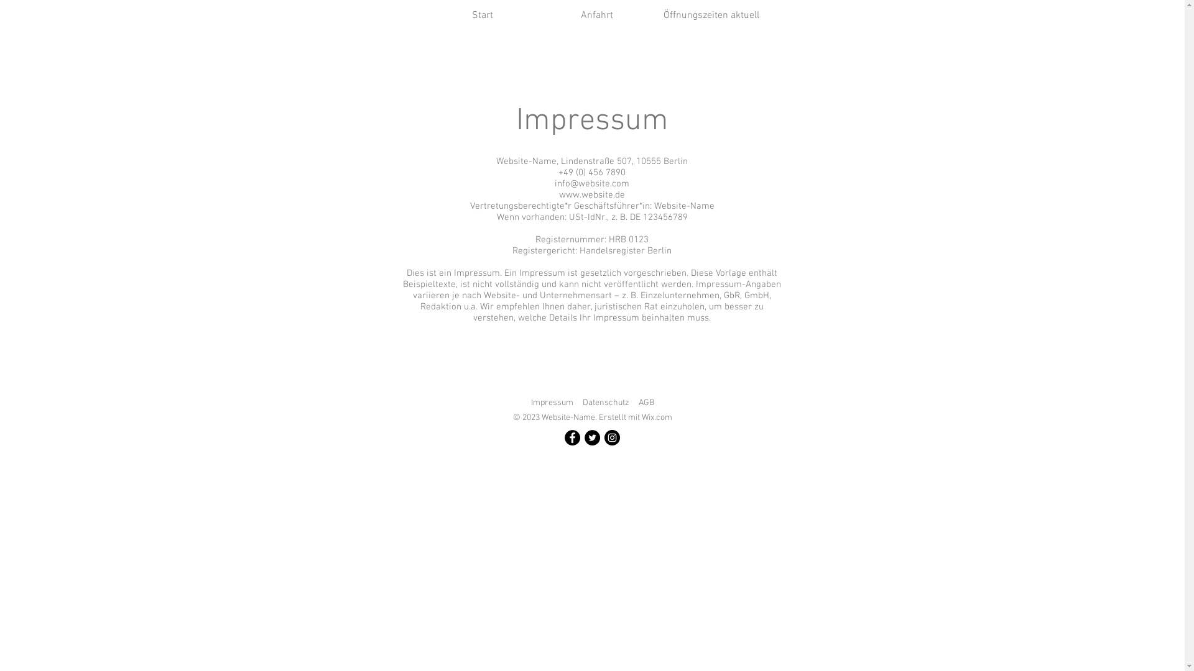 The image size is (1194, 671). Describe the element at coordinates (597, 16) in the screenshot. I see `'Anfahrt'` at that location.